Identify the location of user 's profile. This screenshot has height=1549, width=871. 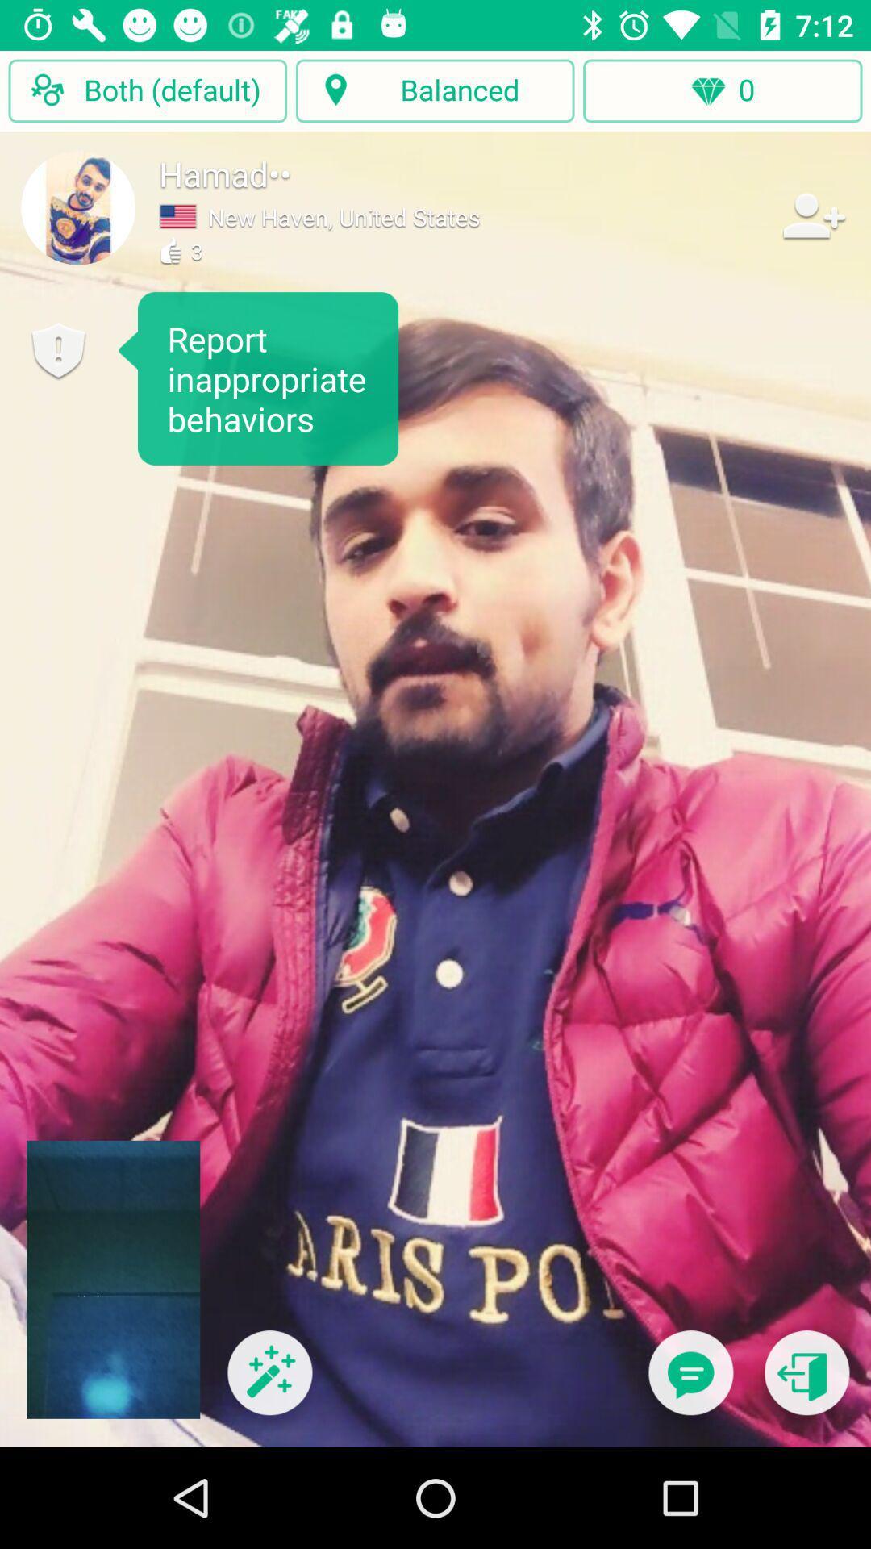
(78, 207).